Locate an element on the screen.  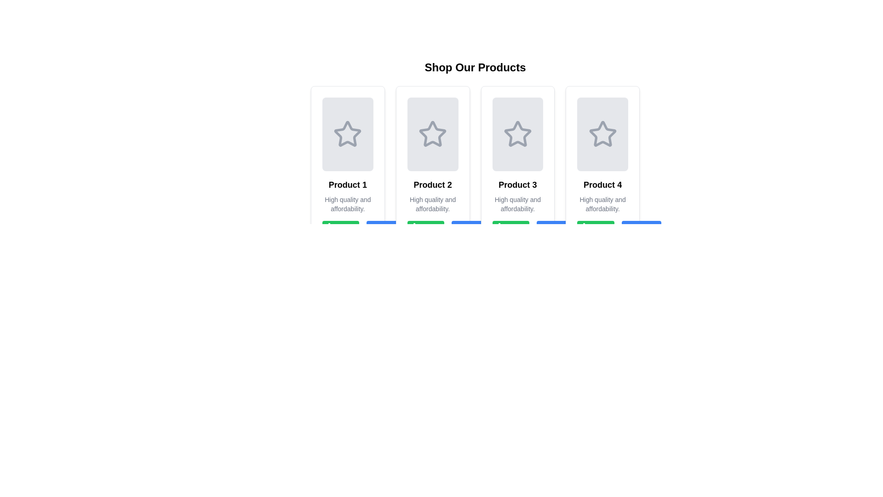
the 'View' button is located at coordinates (556, 228).